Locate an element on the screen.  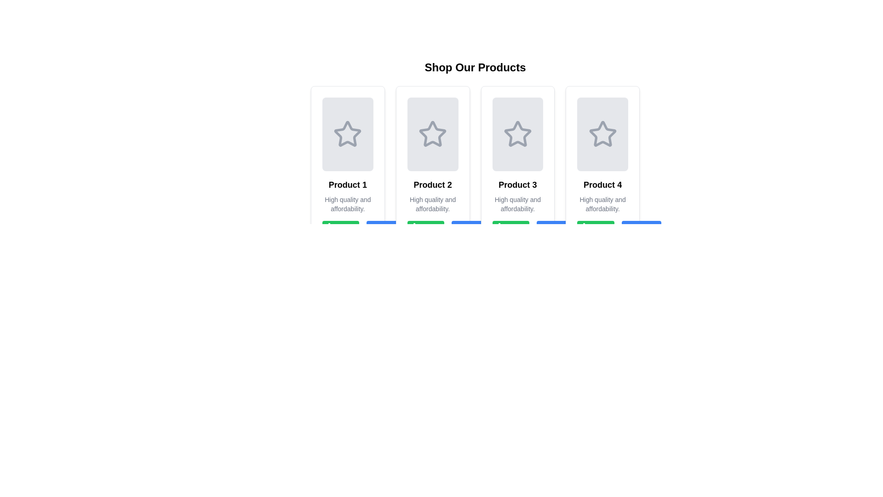
the 'View' button is located at coordinates (556, 228).